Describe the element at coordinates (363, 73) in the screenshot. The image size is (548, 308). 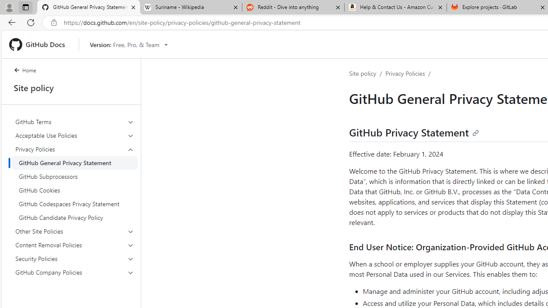
I see `'Site policy'` at that location.